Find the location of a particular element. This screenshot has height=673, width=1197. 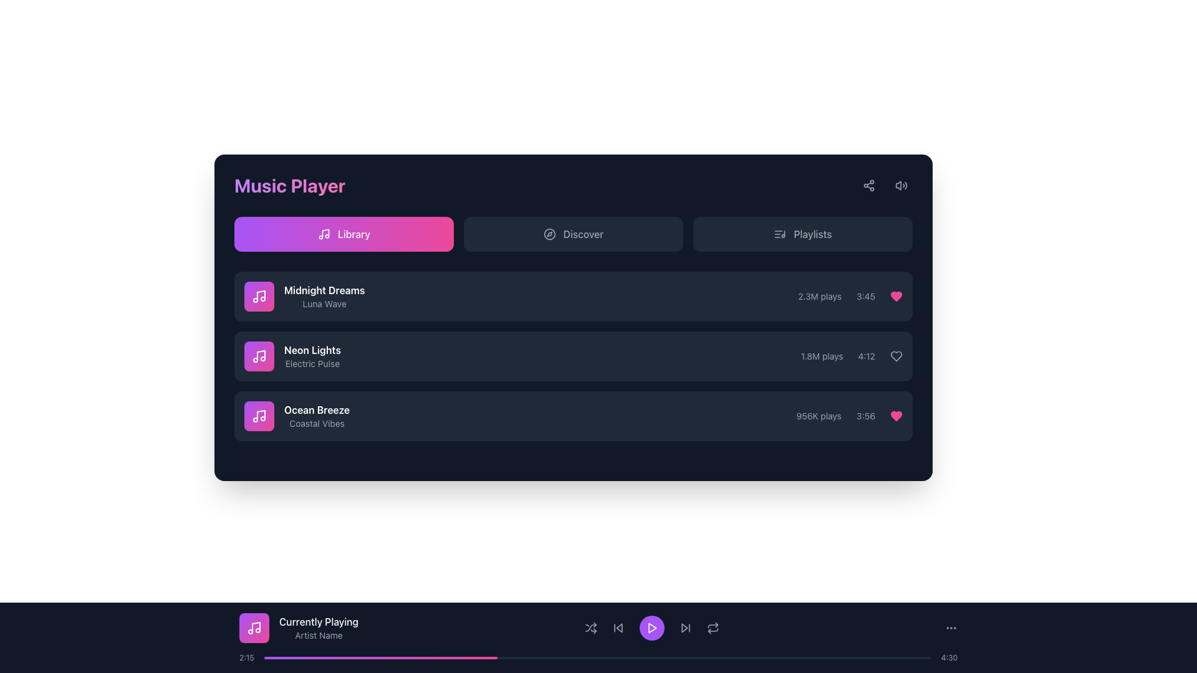

the 'Ocean Breeze' textual element, which is the third item in a vertically stacked list within the music player interface is located at coordinates (317, 416).